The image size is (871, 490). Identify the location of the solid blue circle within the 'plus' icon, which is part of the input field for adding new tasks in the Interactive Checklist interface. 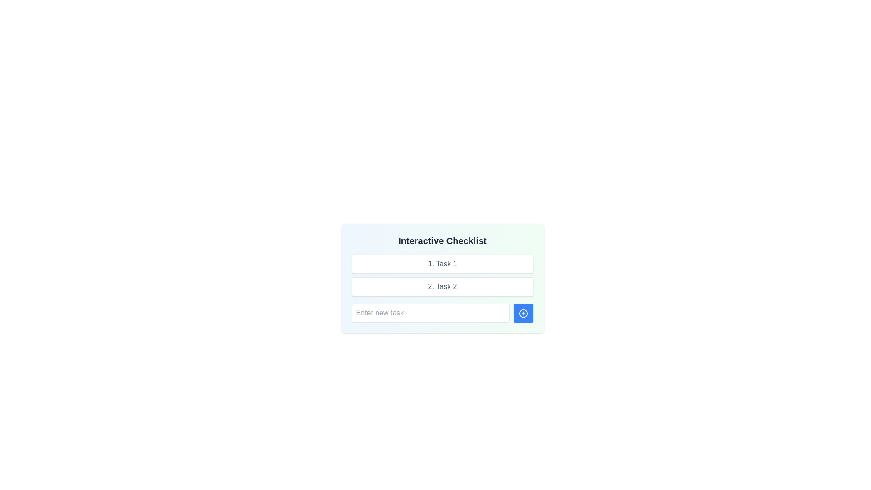
(523, 313).